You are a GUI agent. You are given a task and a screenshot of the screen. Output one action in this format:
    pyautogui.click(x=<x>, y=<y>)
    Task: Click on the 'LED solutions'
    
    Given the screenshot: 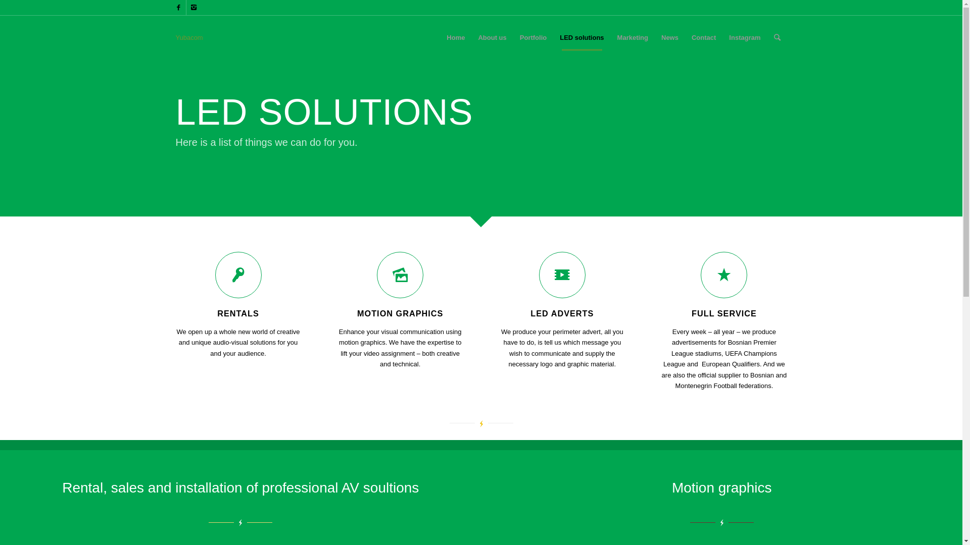 What is the action you would take?
    pyautogui.click(x=581, y=37)
    